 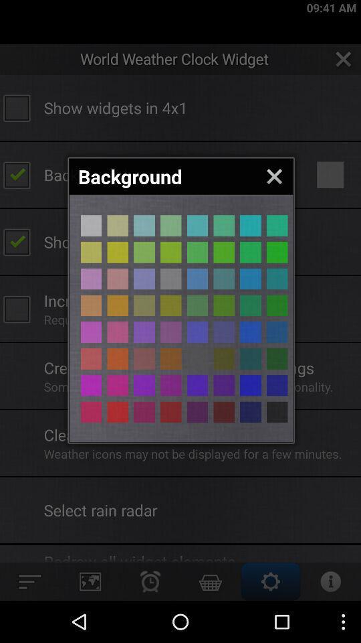 What do you see at coordinates (224, 411) in the screenshot?
I see `bockgrount colour selecting` at bounding box center [224, 411].